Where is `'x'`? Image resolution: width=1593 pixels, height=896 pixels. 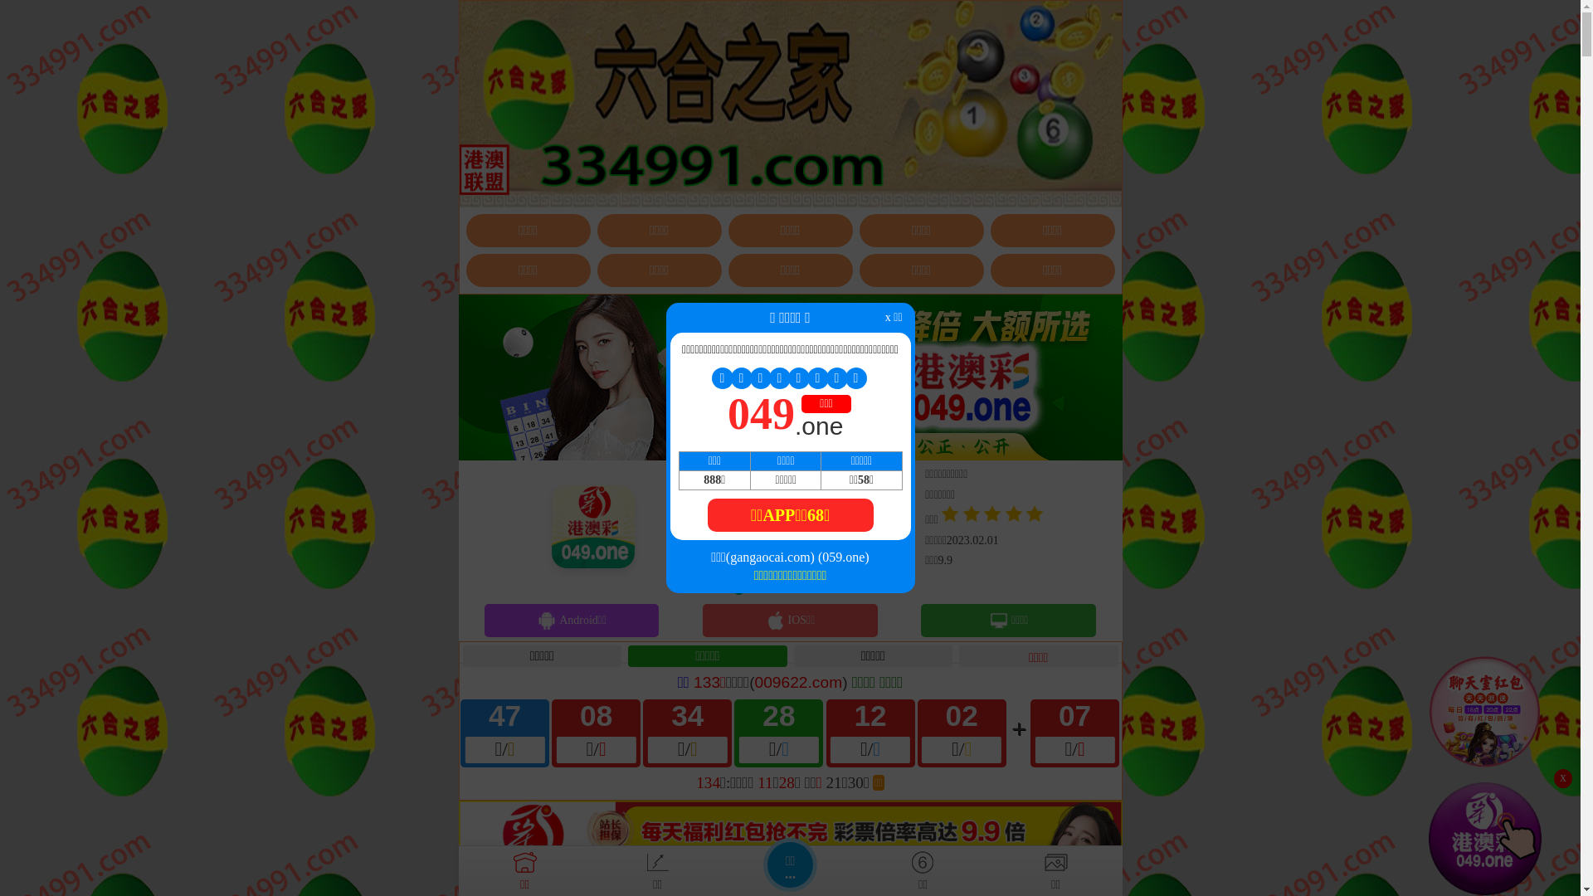
'x' is located at coordinates (1552, 778).